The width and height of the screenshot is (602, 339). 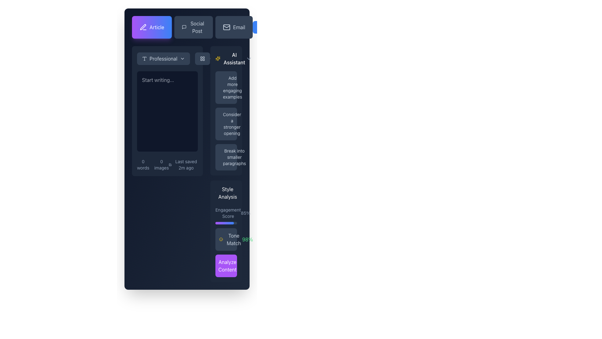 What do you see at coordinates (226, 223) in the screenshot?
I see `the progress visually on the horizontal progress bar located in the 'Style Analysis' section, which has a dark slate background and a gradient-filled sub-bar indicating 85% completion` at bounding box center [226, 223].